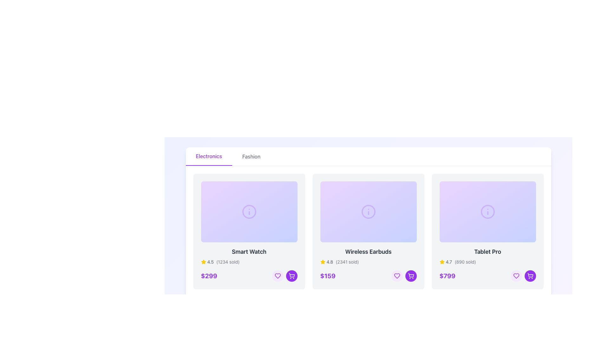 This screenshot has width=609, height=343. I want to click on the static text displaying '(2341 sold)' which is located next to the rating number in the second product card for 'Wireless Earbuds', so click(347, 262).